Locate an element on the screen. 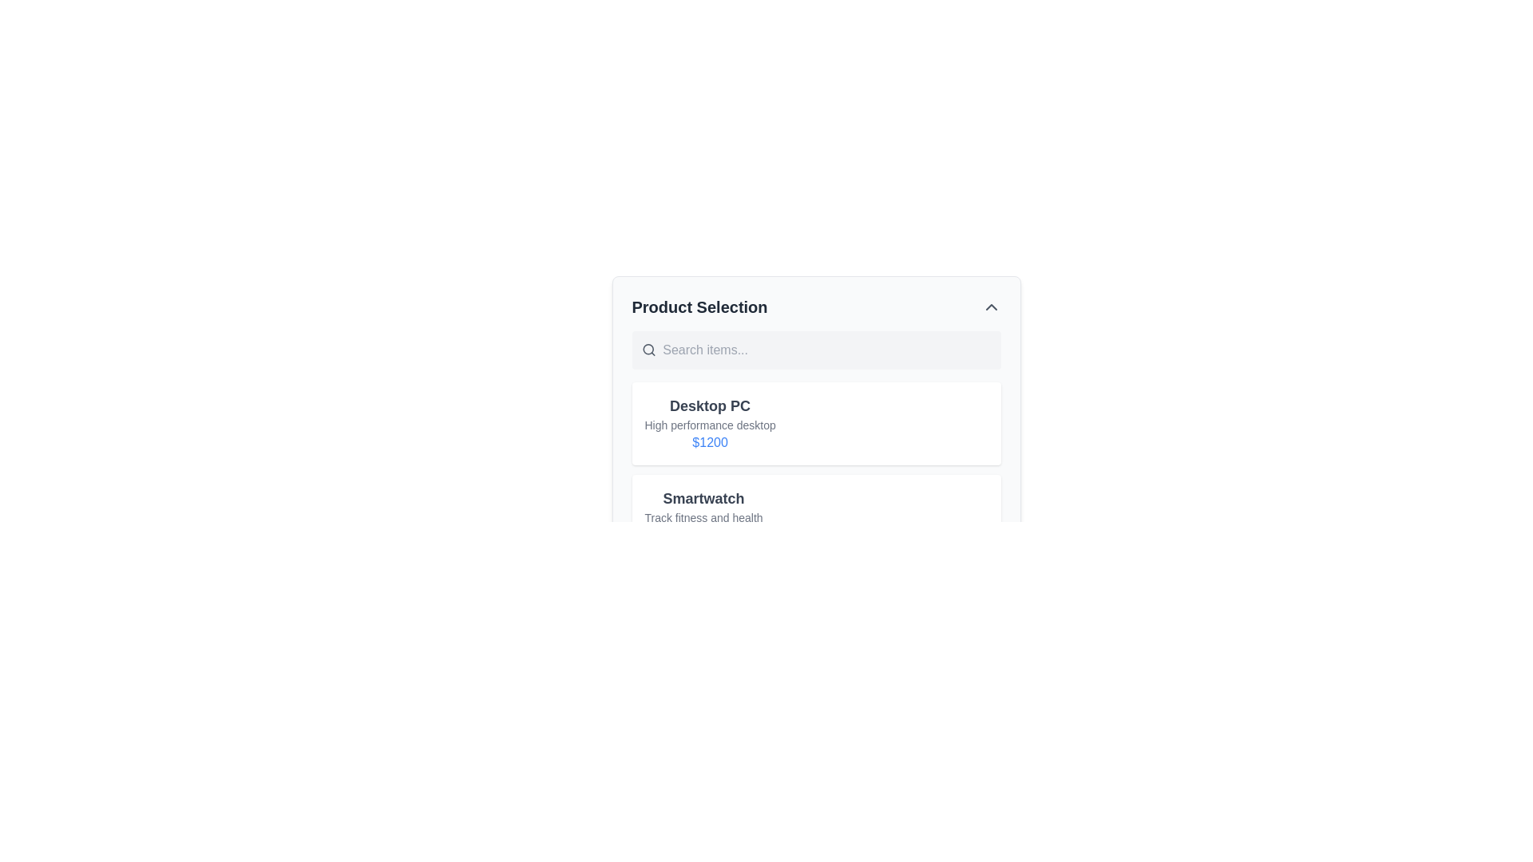 The image size is (1533, 862). the 'Desktop PC' text label, which is styled in bold and dark gray, located at the upper section of the product card to emphasize it or trigger possible tooltips is located at coordinates (709, 405).